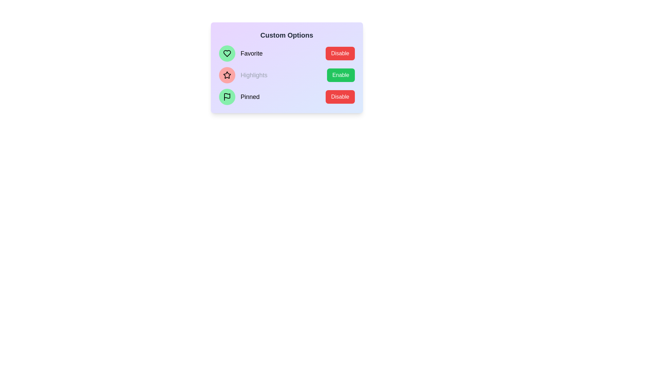 The width and height of the screenshot is (652, 366). I want to click on button to toggle the status of the item labeled Highlights, so click(341, 75).